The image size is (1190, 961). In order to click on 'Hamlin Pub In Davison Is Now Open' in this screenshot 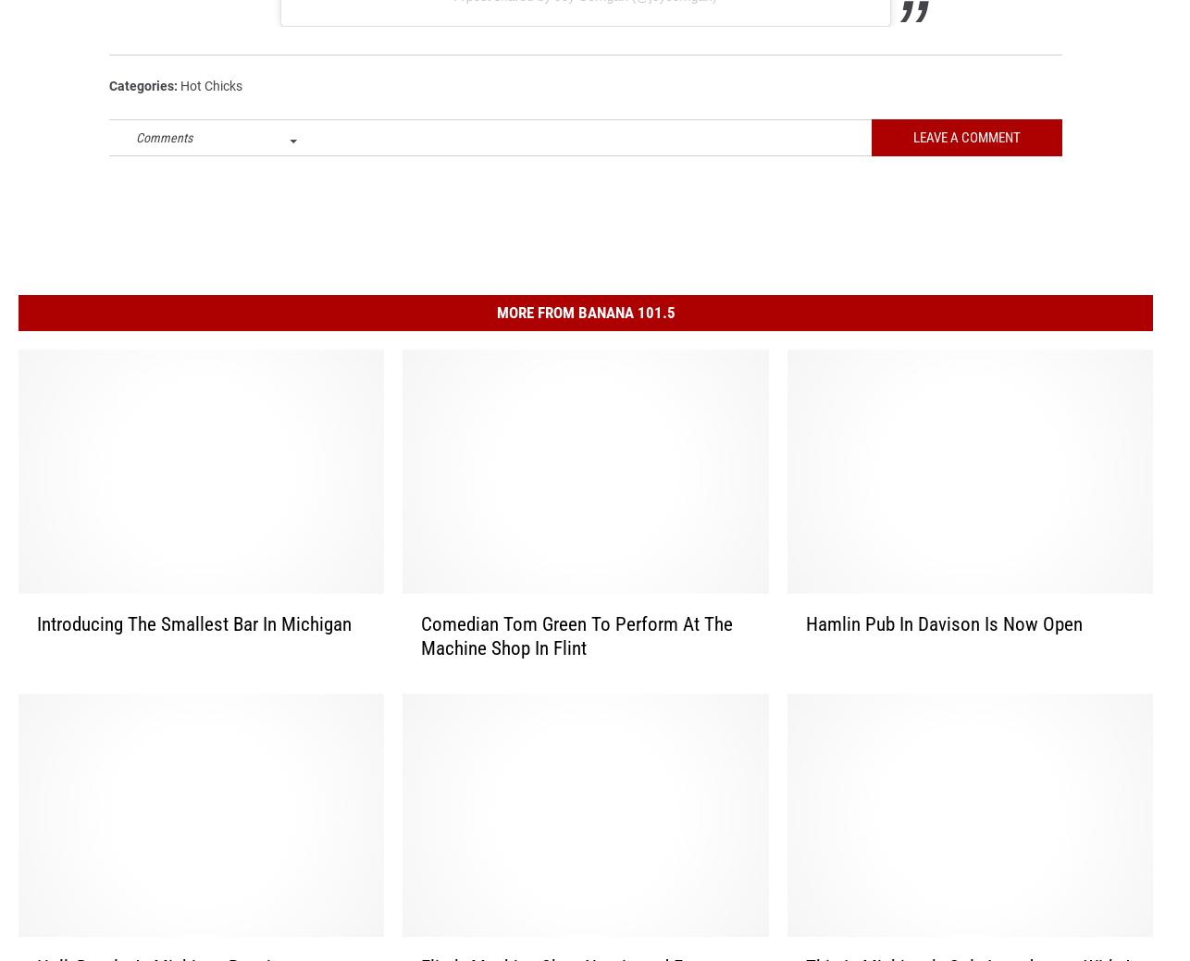, I will do `click(804, 647)`.